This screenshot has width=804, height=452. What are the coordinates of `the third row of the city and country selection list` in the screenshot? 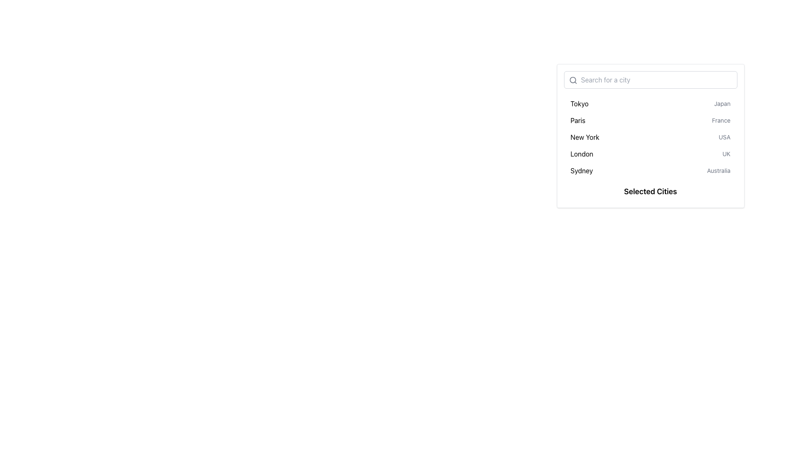 It's located at (650, 136).